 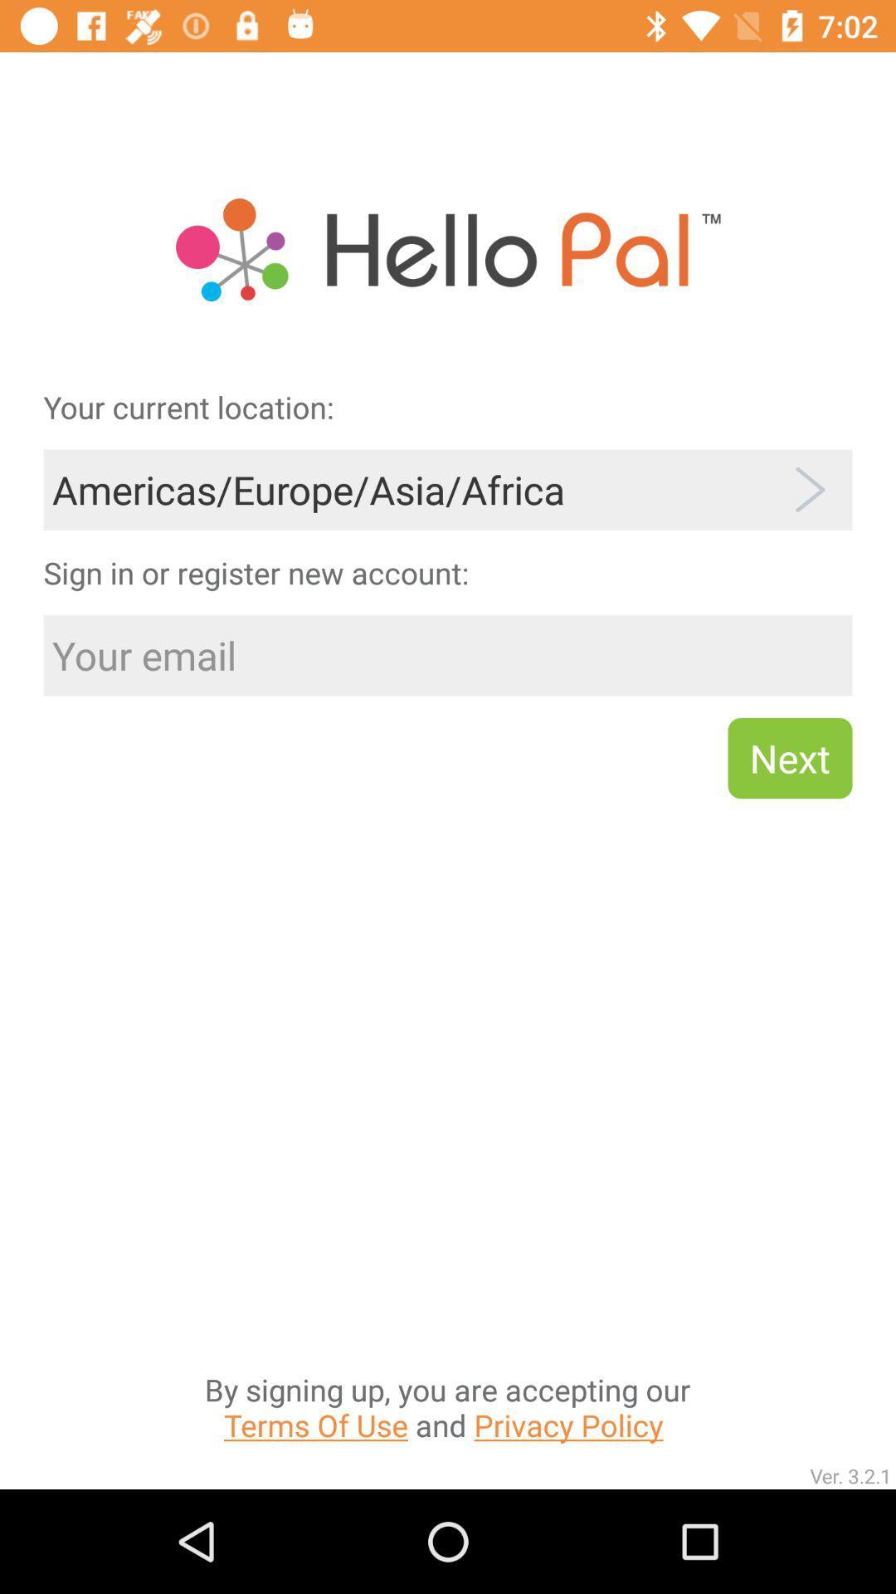 What do you see at coordinates (446, 1240) in the screenshot?
I see `the item below the next icon` at bounding box center [446, 1240].